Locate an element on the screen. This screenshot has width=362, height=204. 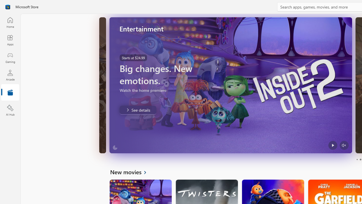
'Page 2' is located at coordinates (360, 160).